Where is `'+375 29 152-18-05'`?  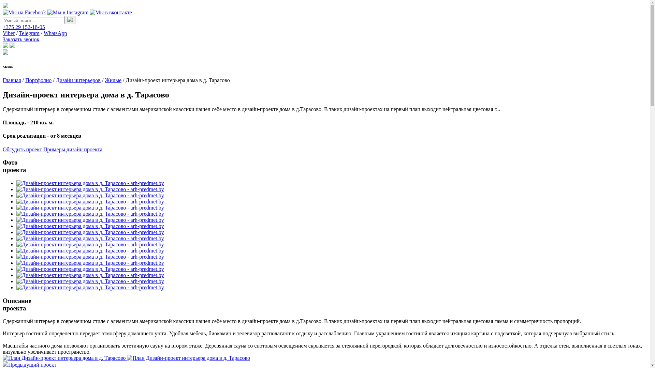
'+375 29 152-18-05' is located at coordinates (24, 27).